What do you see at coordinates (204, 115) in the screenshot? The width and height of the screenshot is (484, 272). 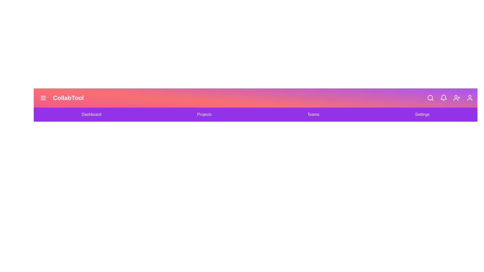 I see `the navigation link Projects` at bounding box center [204, 115].